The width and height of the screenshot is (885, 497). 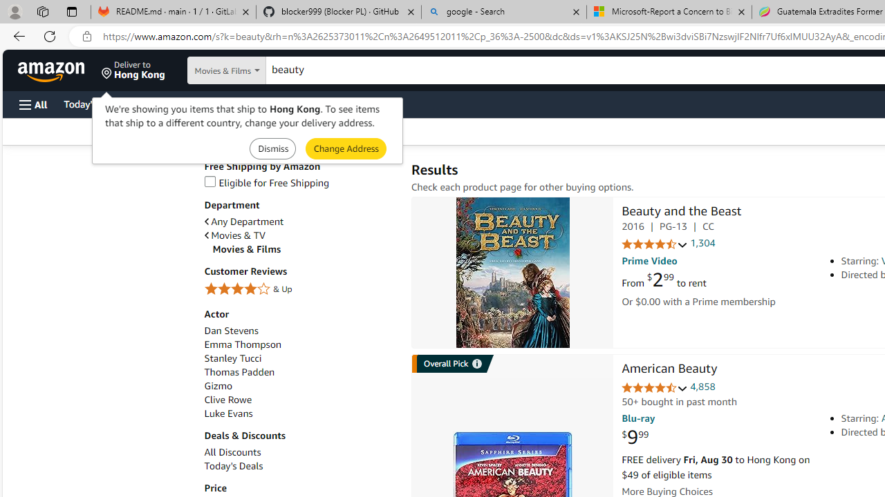 What do you see at coordinates (228, 413) in the screenshot?
I see `'Luke Evans'` at bounding box center [228, 413].